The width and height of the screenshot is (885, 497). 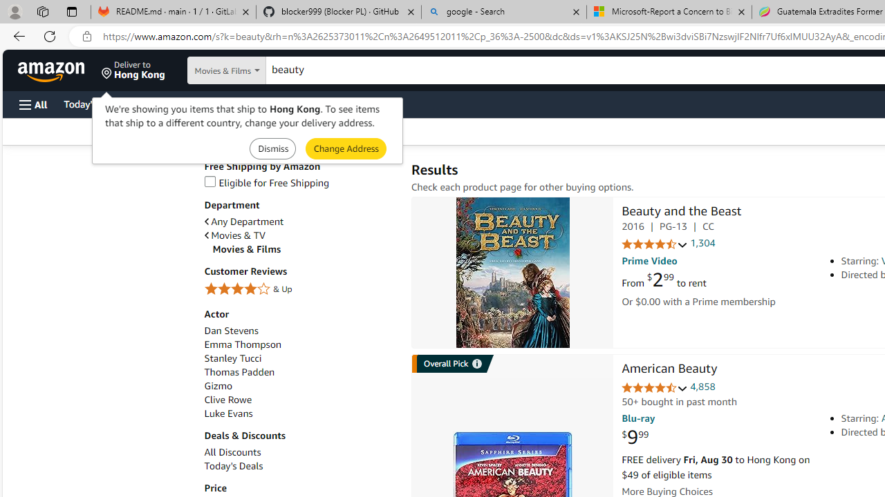 What do you see at coordinates (228, 413) in the screenshot?
I see `'Luke Evans'` at bounding box center [228, 413].